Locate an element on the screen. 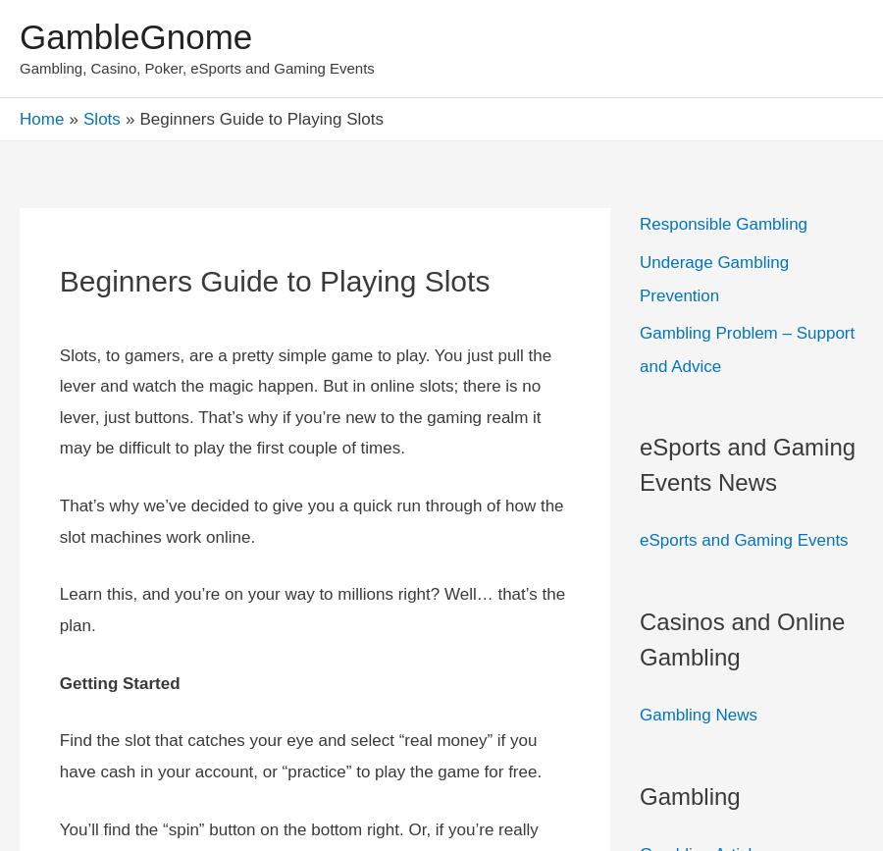  'Responsible Gambling' is located at coordinates (722, 224).